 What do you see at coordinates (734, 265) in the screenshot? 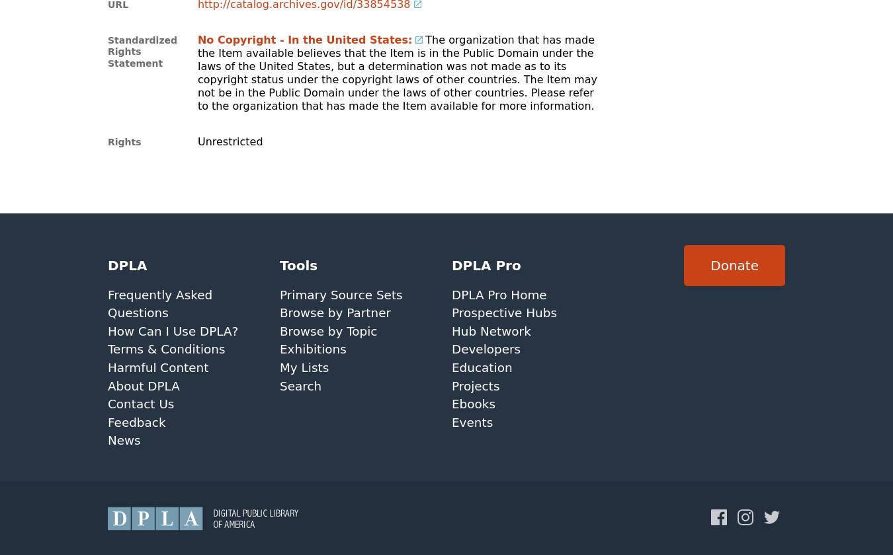
I see `'Donate'` at bounding box center [734, 265].